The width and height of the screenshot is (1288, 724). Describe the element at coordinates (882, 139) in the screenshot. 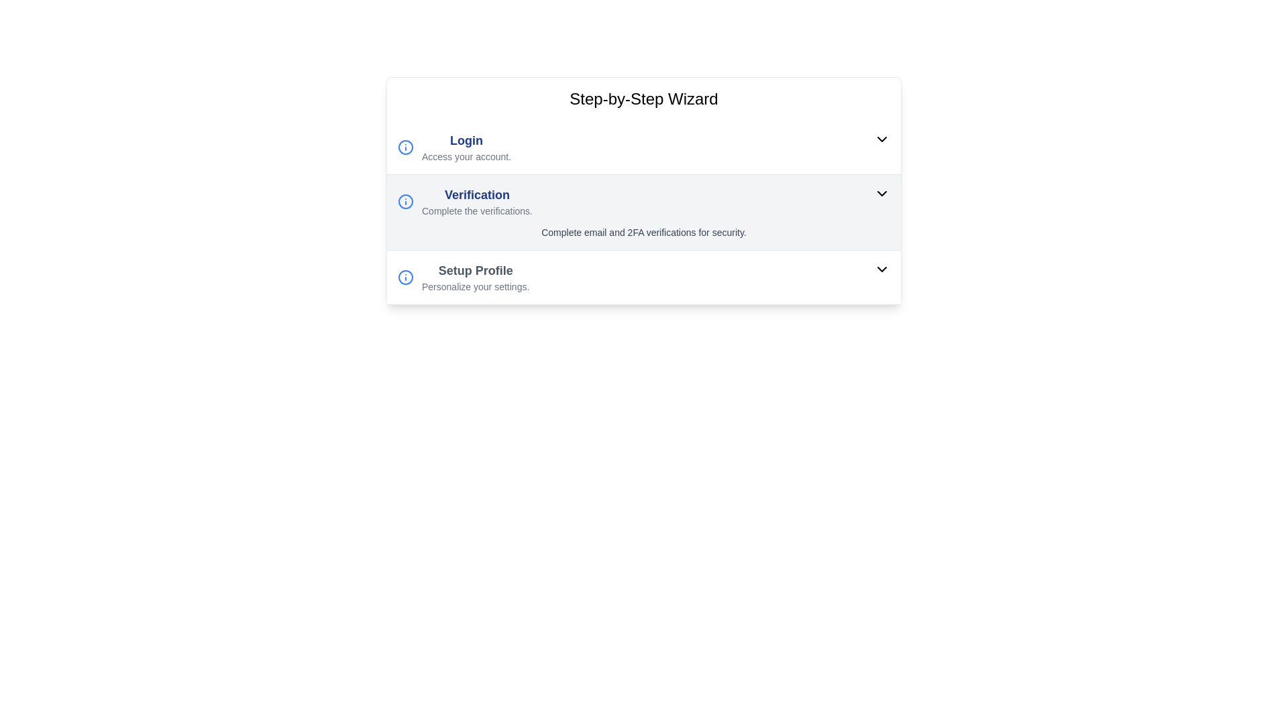

I see `the toggle icon located at the far right of the row containing the 'Login' title and 'Access your account' subtitle to interact with it` at that location.